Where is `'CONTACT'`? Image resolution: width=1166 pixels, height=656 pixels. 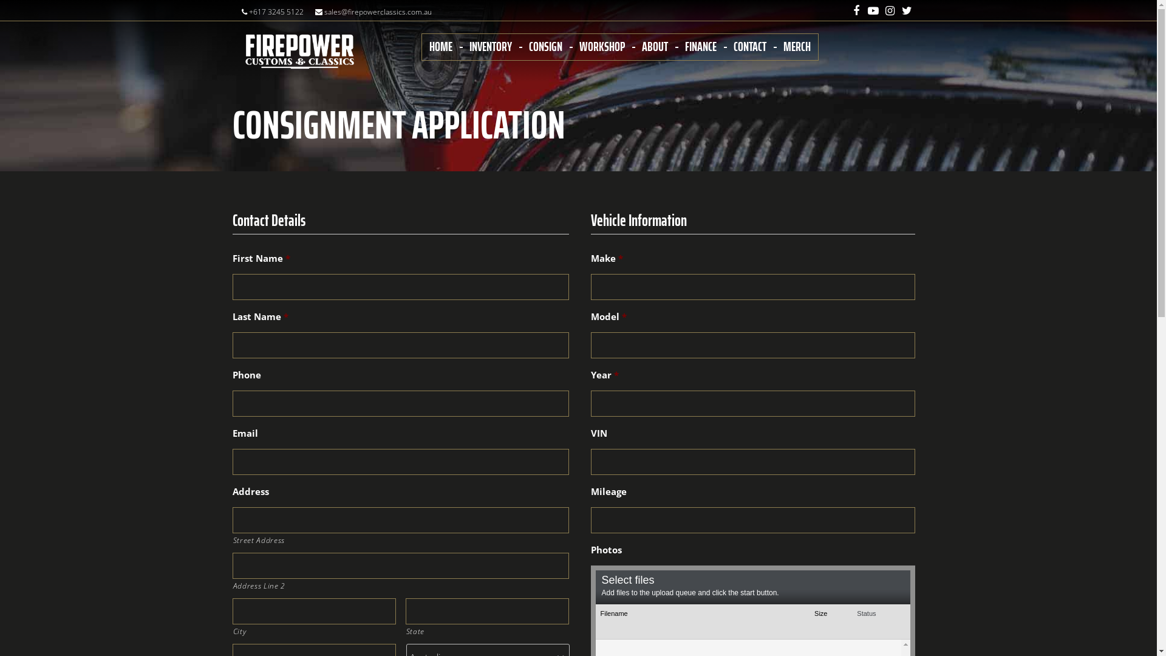 'CONTACT' is located at coordinates (749, 46).